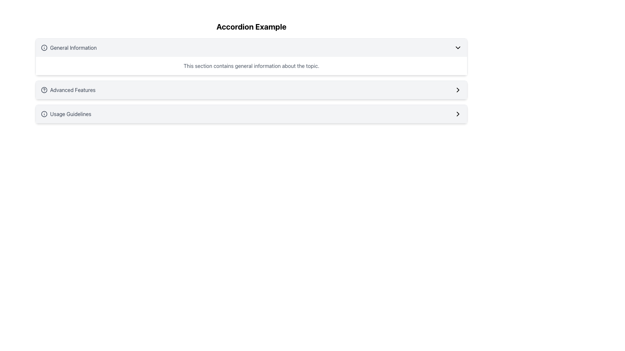  What do you see at coordinates (69, 47) in the screenshot?
I see `the 'General Information' label in the accordion section` at bounding box center [69, 47].